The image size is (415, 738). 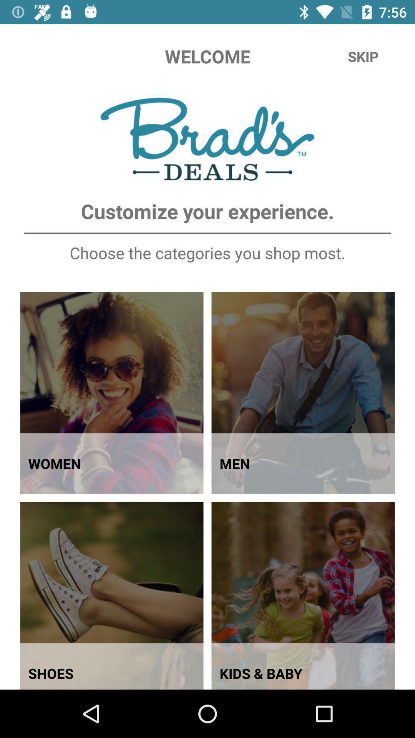 What do you see at coordinates (112, 595) in the screenshot?
I see `the shoes box` at bounding box center [112, 595].